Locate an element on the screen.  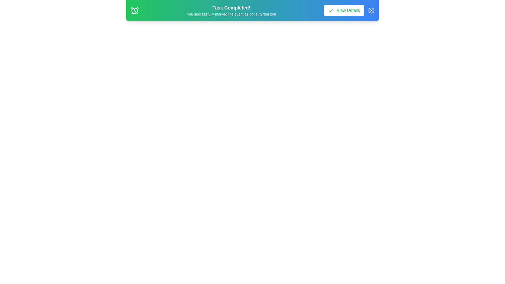
the AlarmClock icon to view it is located at coordinates (135, 10).